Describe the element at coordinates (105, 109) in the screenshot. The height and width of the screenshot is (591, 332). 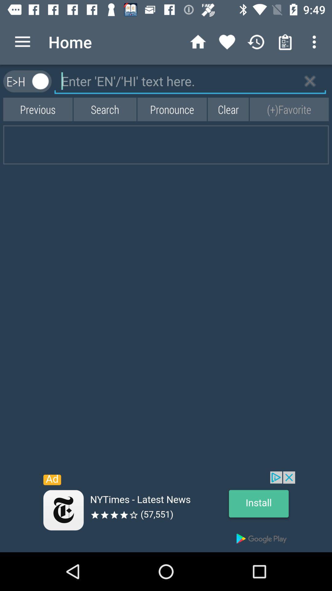
I see `the button beside previous` at that location.